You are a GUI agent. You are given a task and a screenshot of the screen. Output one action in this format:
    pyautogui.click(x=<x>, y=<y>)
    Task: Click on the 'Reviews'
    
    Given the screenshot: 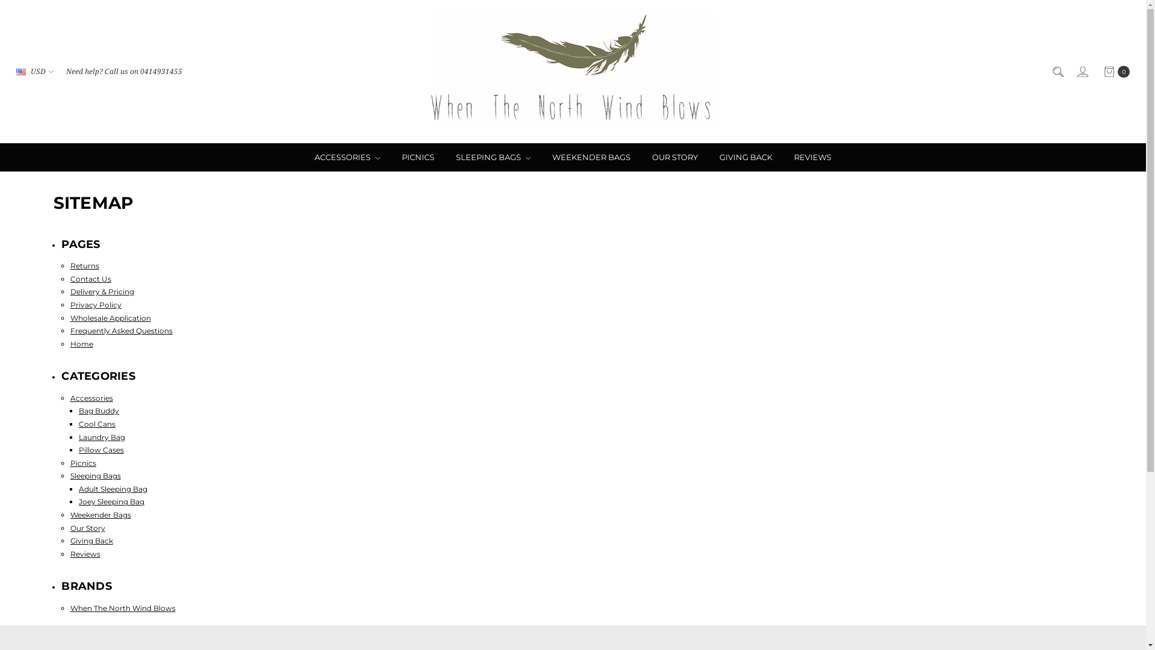 What is the action you would take?
    pyautogui.click(x=85, y=554)
    